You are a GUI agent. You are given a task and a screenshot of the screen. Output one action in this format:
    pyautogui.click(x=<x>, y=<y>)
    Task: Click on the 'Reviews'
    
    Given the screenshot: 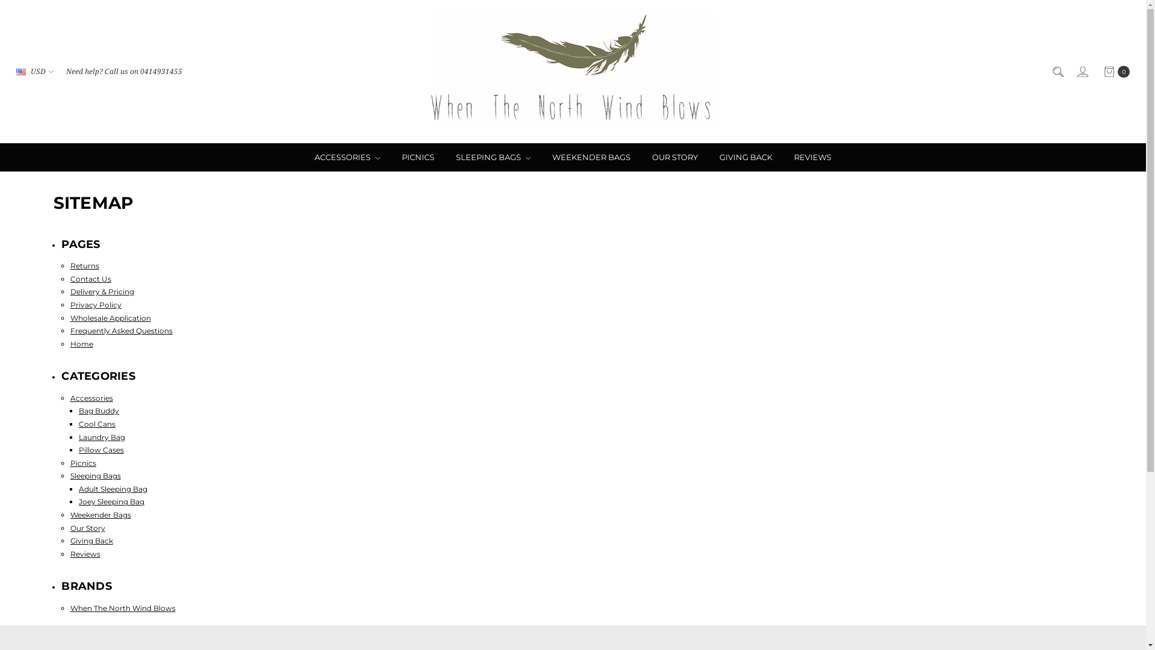 What is the action you would take?
    pyautogui.click(x=85, y=554)
    